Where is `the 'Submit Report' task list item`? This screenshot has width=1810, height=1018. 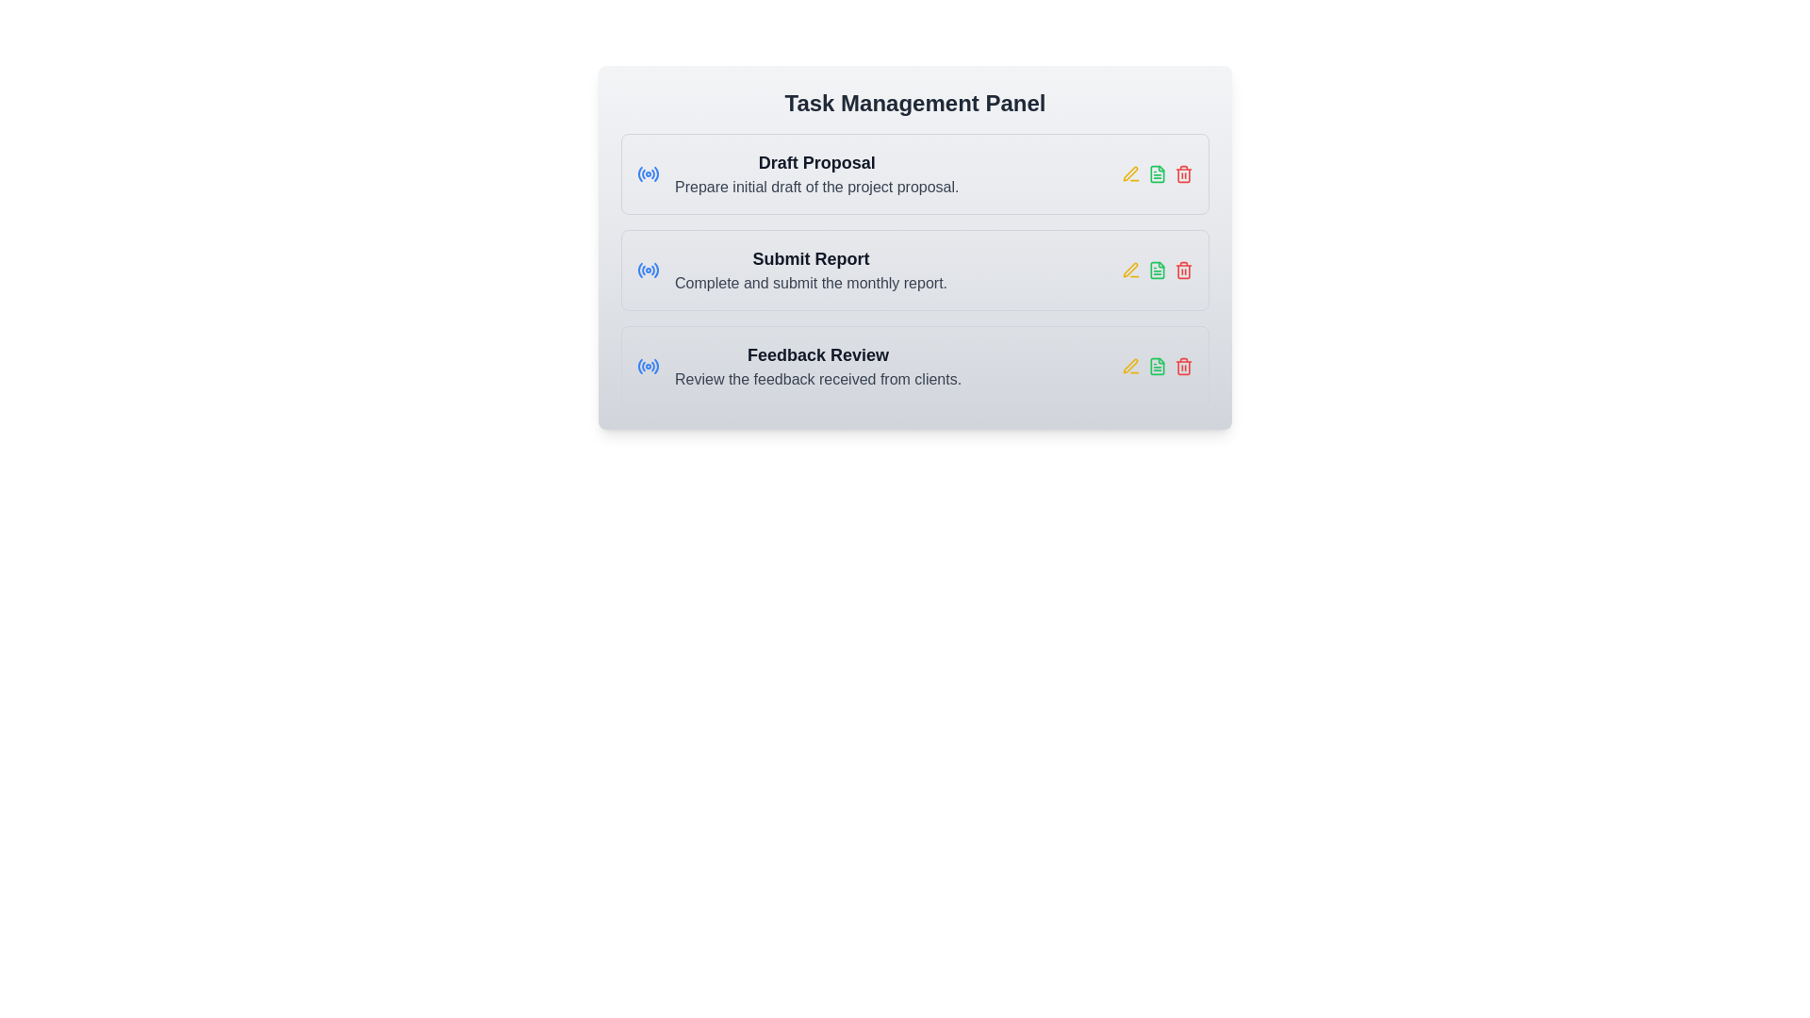 the 'Submit Report' task list item is located at coordinates (914, 246).